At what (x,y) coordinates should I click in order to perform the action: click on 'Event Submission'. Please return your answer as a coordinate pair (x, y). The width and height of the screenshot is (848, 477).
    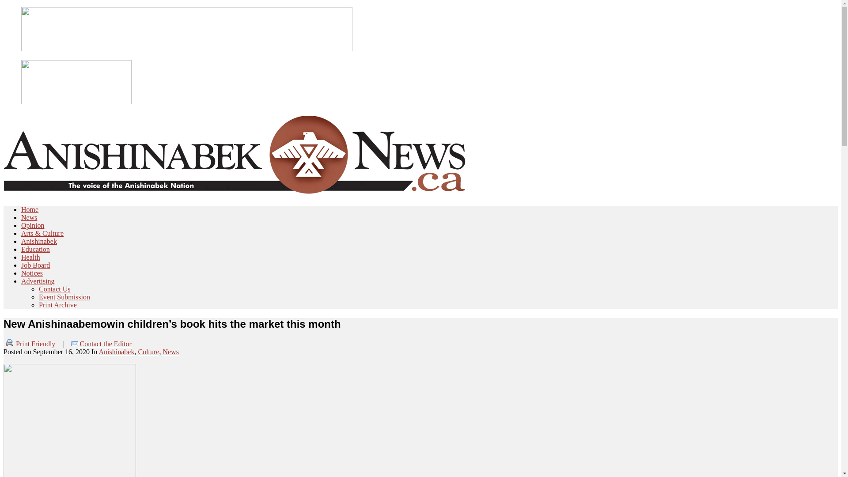
    Looking at the image, I should click on (64, 297).